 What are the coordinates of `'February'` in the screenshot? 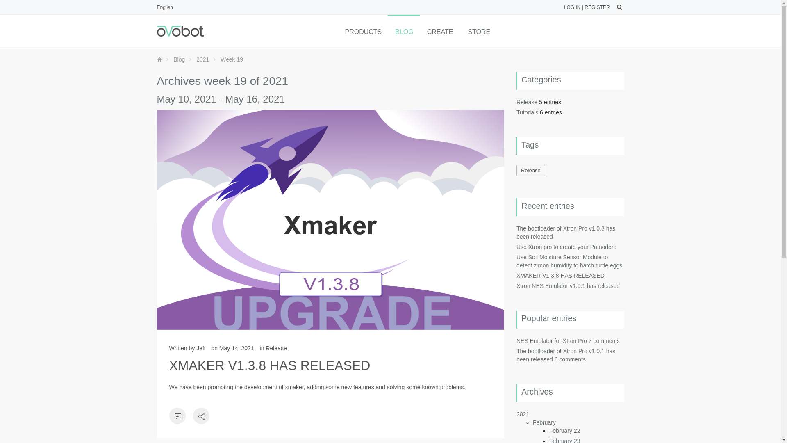 It's located at (544, 422).